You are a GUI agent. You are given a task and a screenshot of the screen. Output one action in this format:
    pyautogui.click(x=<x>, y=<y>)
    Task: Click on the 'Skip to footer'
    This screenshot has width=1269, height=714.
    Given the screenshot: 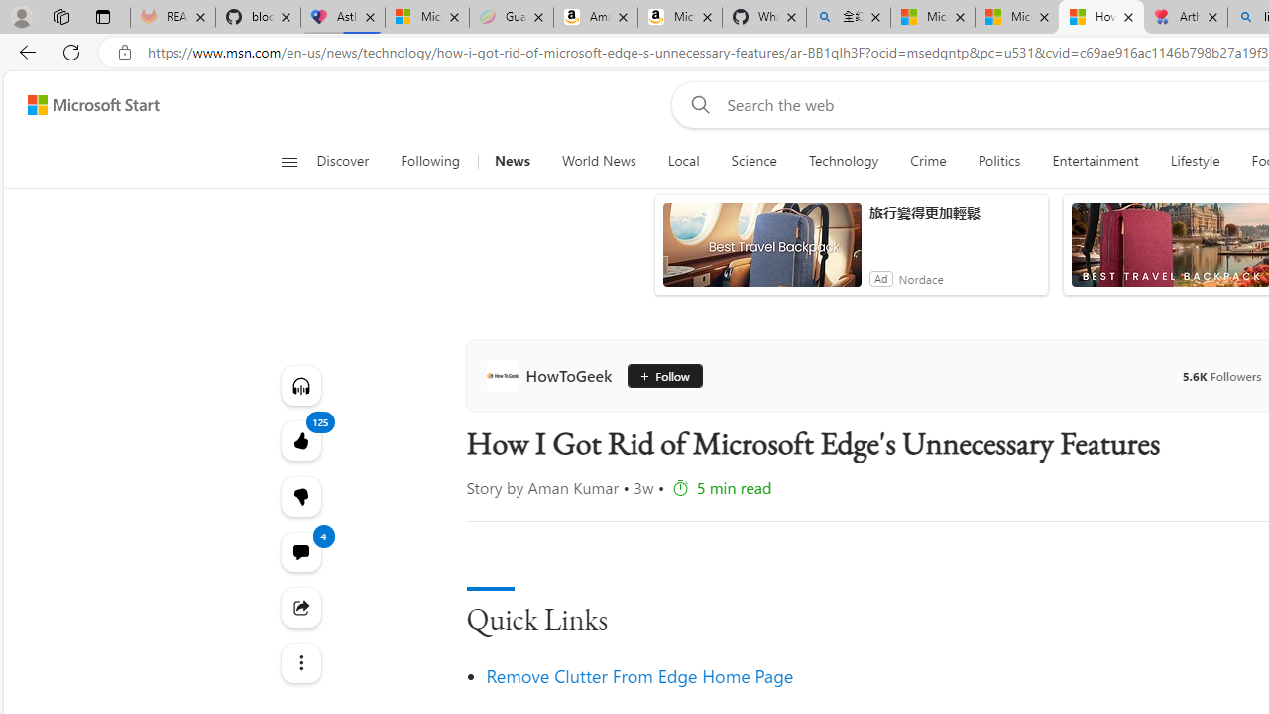 What is the action you would take?
    pyautogui.click(x=80, y=104)
    